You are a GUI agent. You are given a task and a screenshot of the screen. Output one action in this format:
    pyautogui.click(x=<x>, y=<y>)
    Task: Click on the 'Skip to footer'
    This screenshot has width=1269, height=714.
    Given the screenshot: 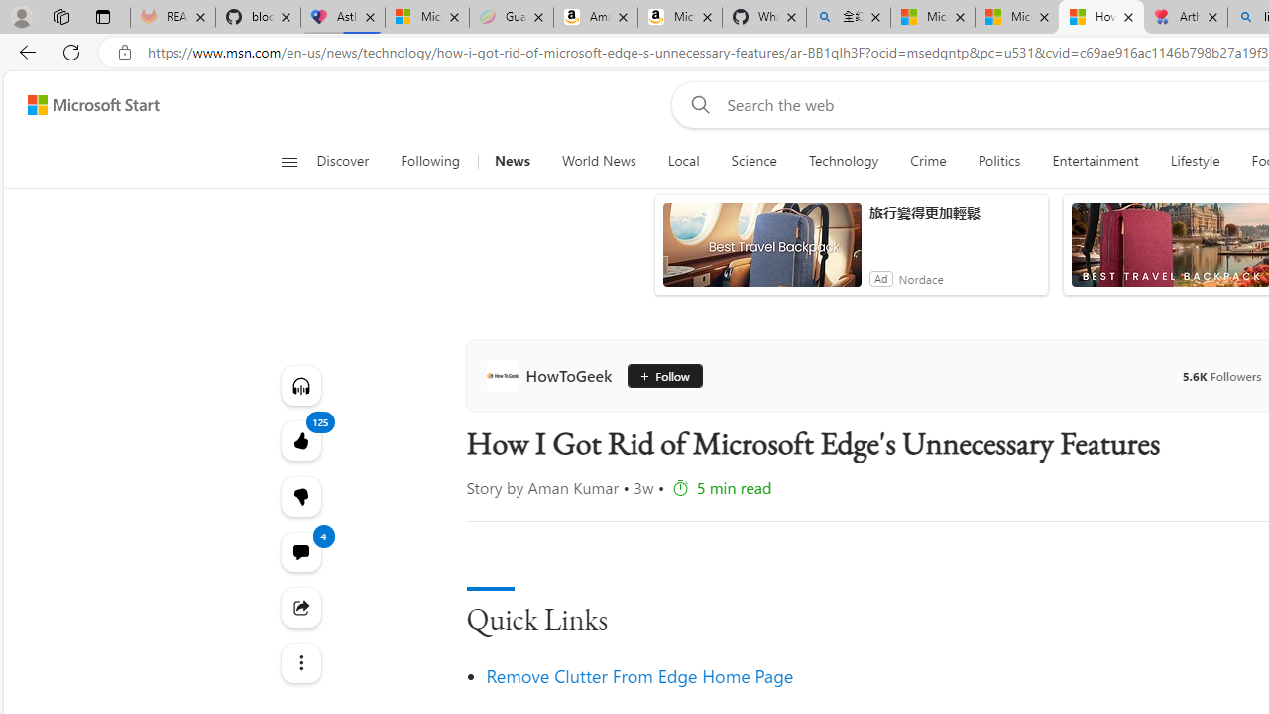 What is the action you would take?
    pyautogui.click(x=80, y=104)
    